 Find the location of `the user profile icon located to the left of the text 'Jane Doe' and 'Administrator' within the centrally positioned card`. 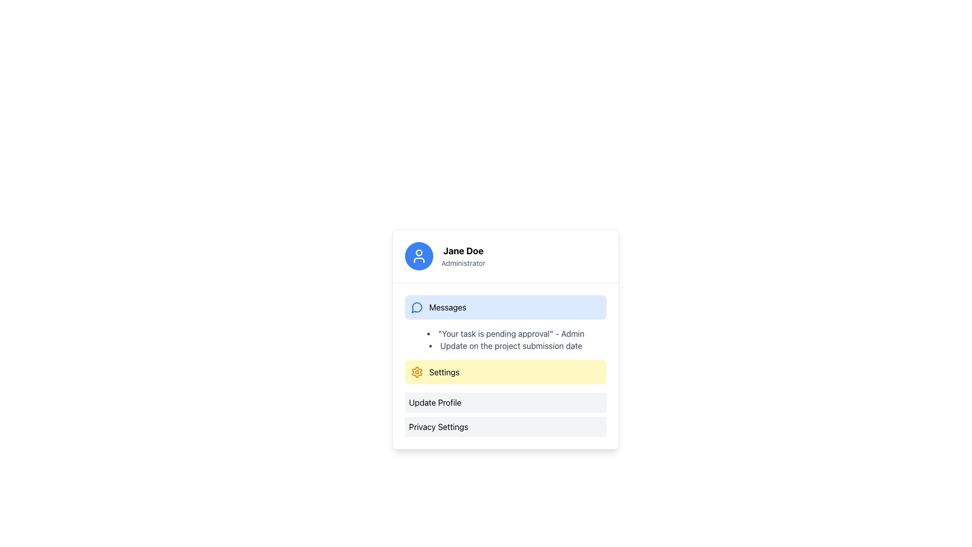

the user profile icon located to the left of the text 'Jane Doe' and 'Administrator' within the centrally positioned card is located at coordinates (419, 255).